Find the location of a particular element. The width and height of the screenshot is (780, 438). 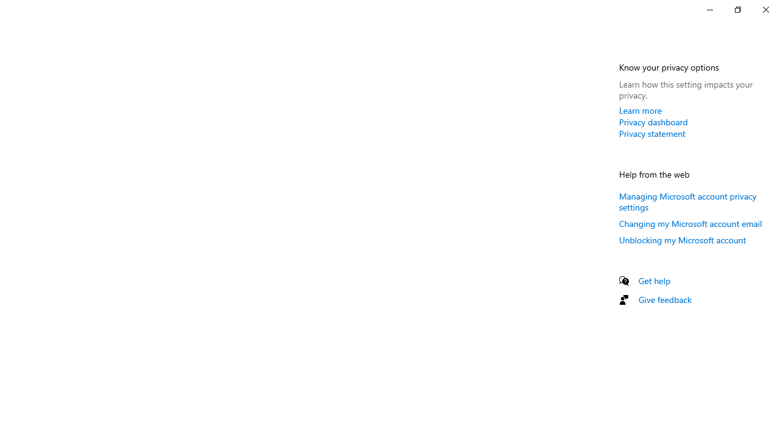

'Give feedback' is located at coordinates (664, 299).